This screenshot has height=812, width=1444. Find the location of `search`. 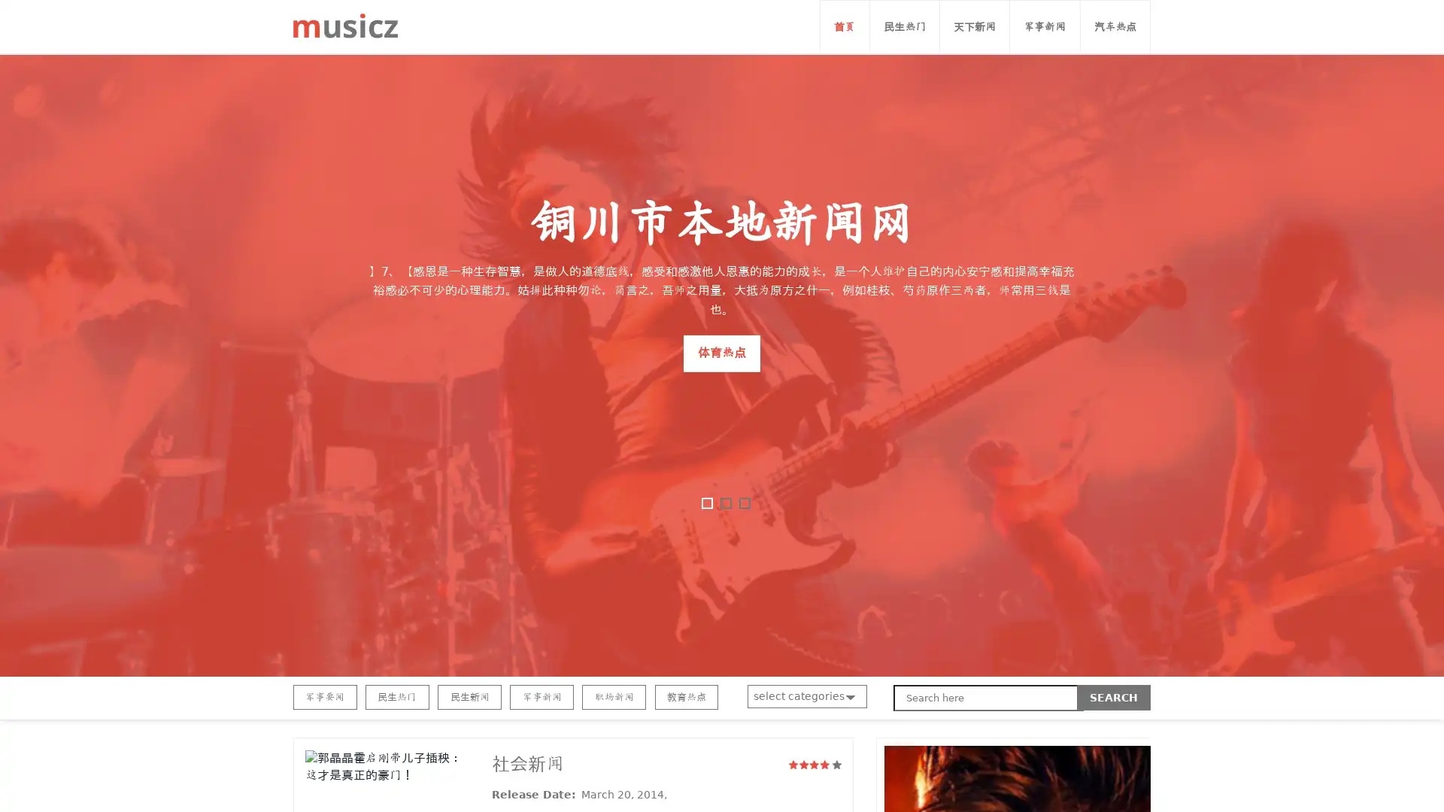

search is located at coordinates (1114, 698).